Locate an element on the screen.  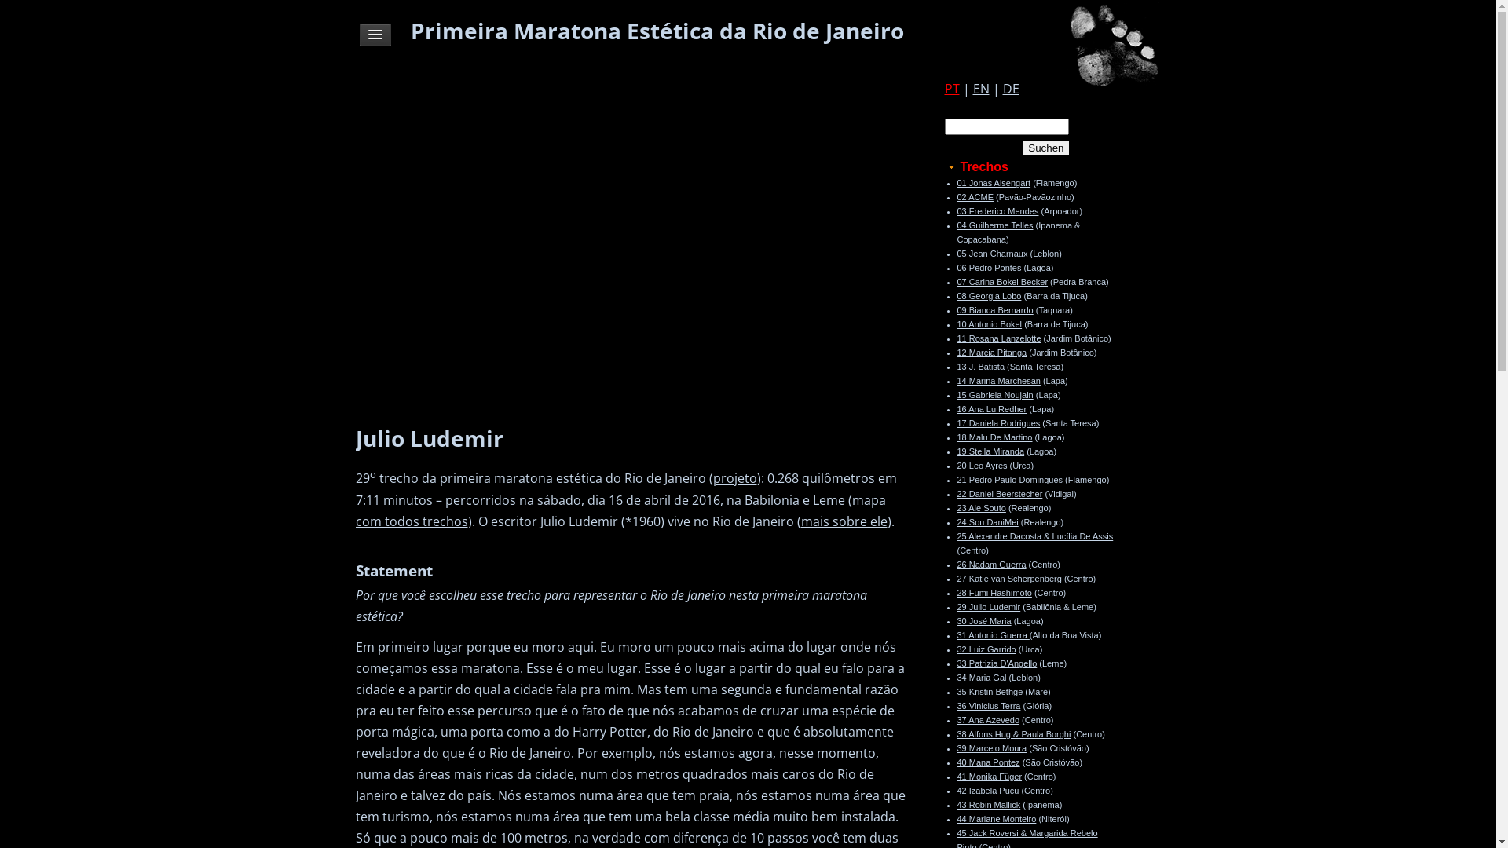
'33 Patrizia D'Angello' is located at coordinates (995, 663).